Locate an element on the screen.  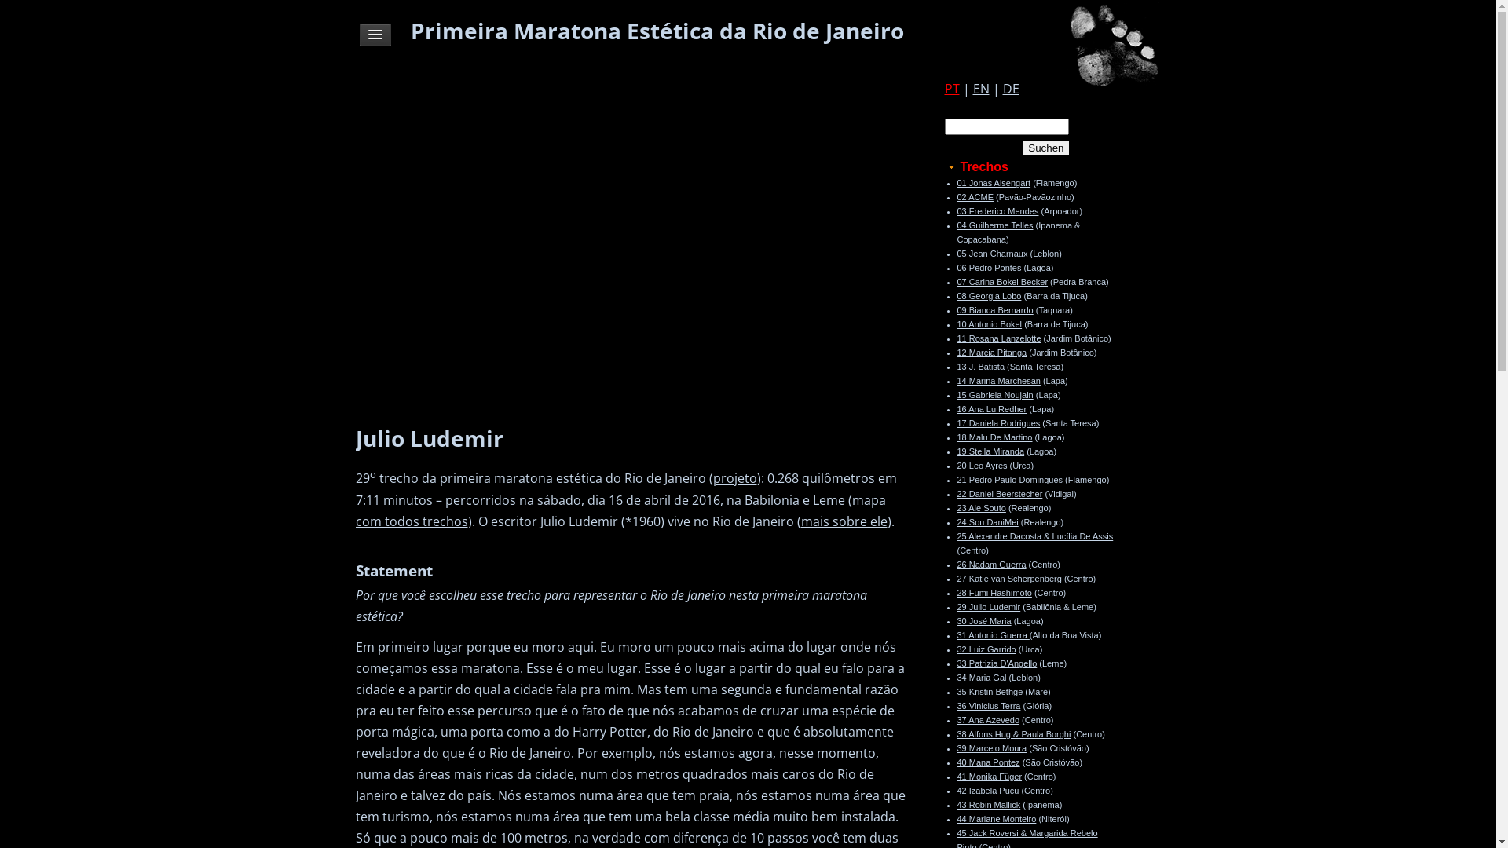
'33 Patrizia D'Angello' is located at coordinates (995, 663).